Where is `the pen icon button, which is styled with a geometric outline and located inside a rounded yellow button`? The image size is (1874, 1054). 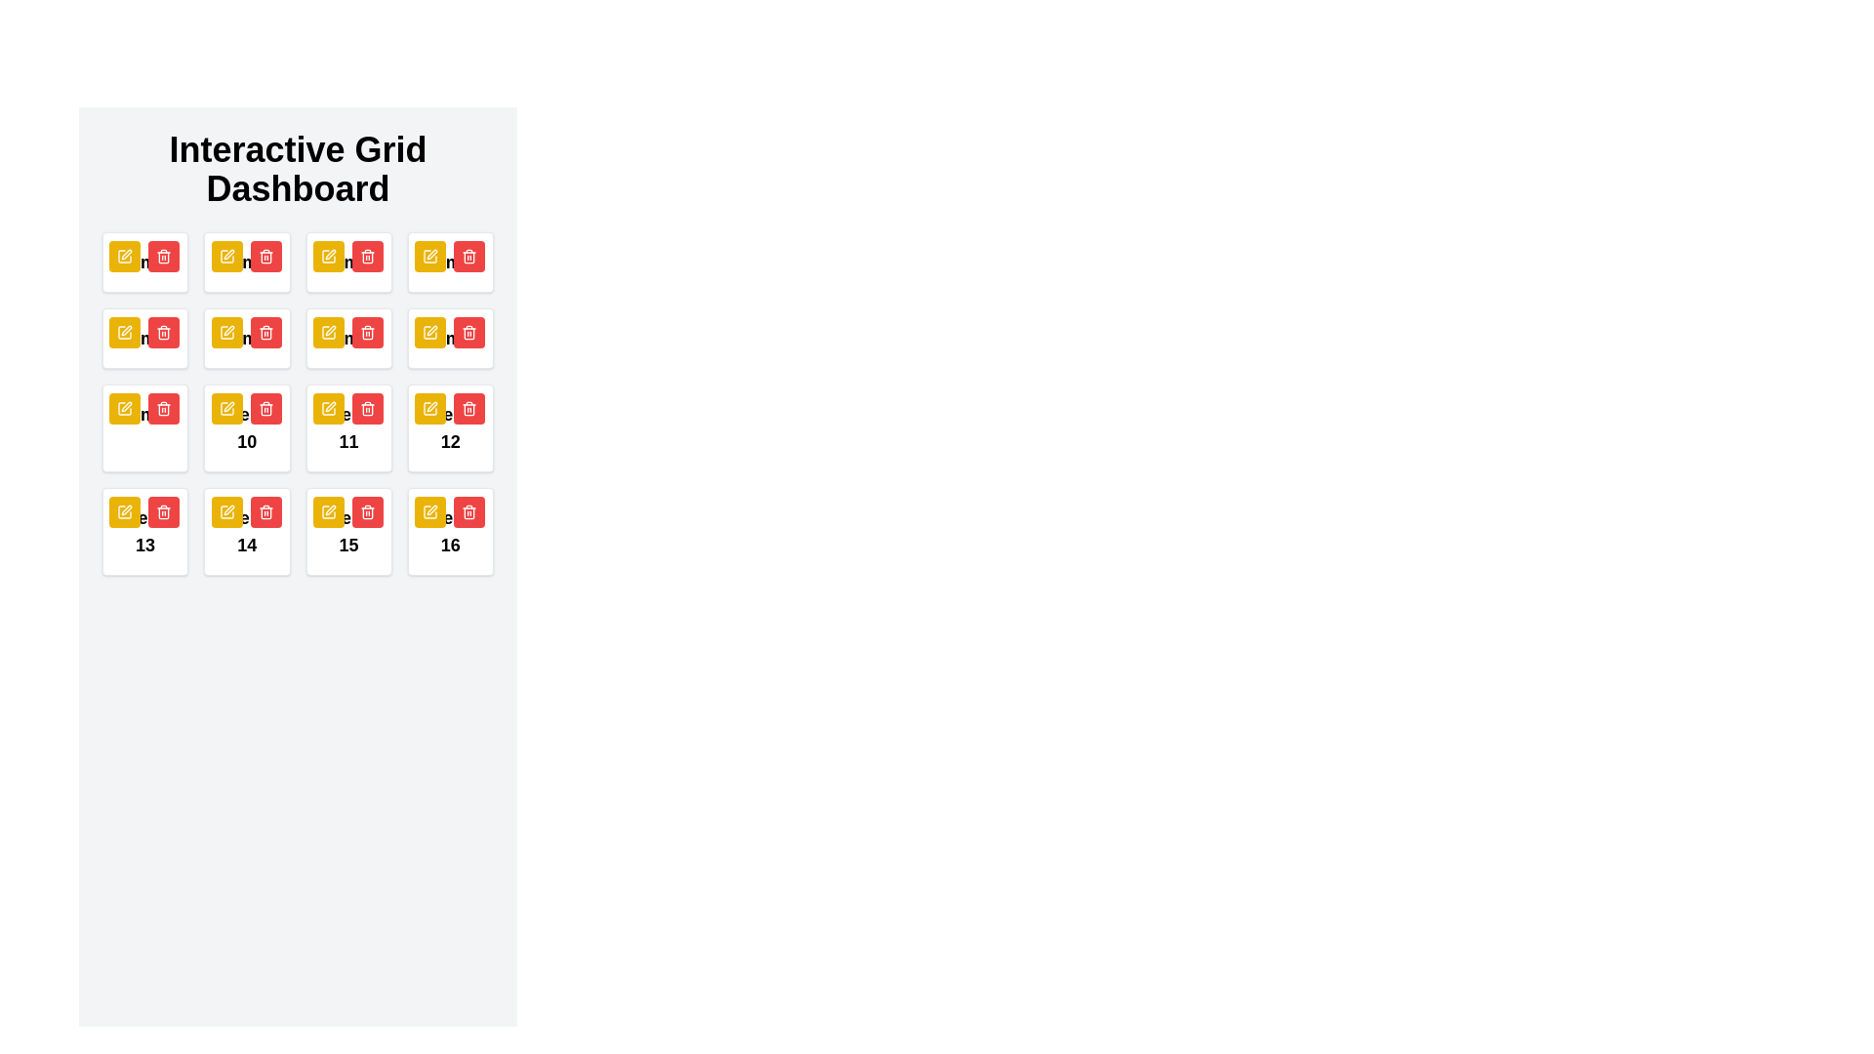 the pen icon button, which is styled with a geometric outline and located inside a rounded yellow button is located at coordinates (429, 510).